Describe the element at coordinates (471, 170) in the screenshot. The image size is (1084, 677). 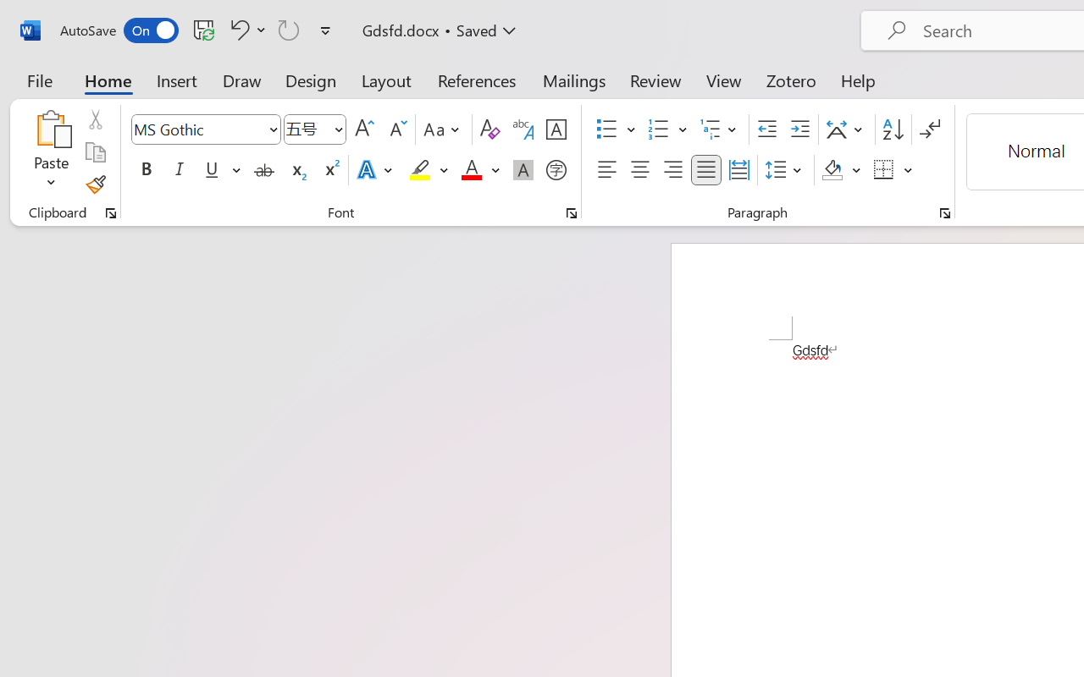
I see `'Font Color Red'` at that location.